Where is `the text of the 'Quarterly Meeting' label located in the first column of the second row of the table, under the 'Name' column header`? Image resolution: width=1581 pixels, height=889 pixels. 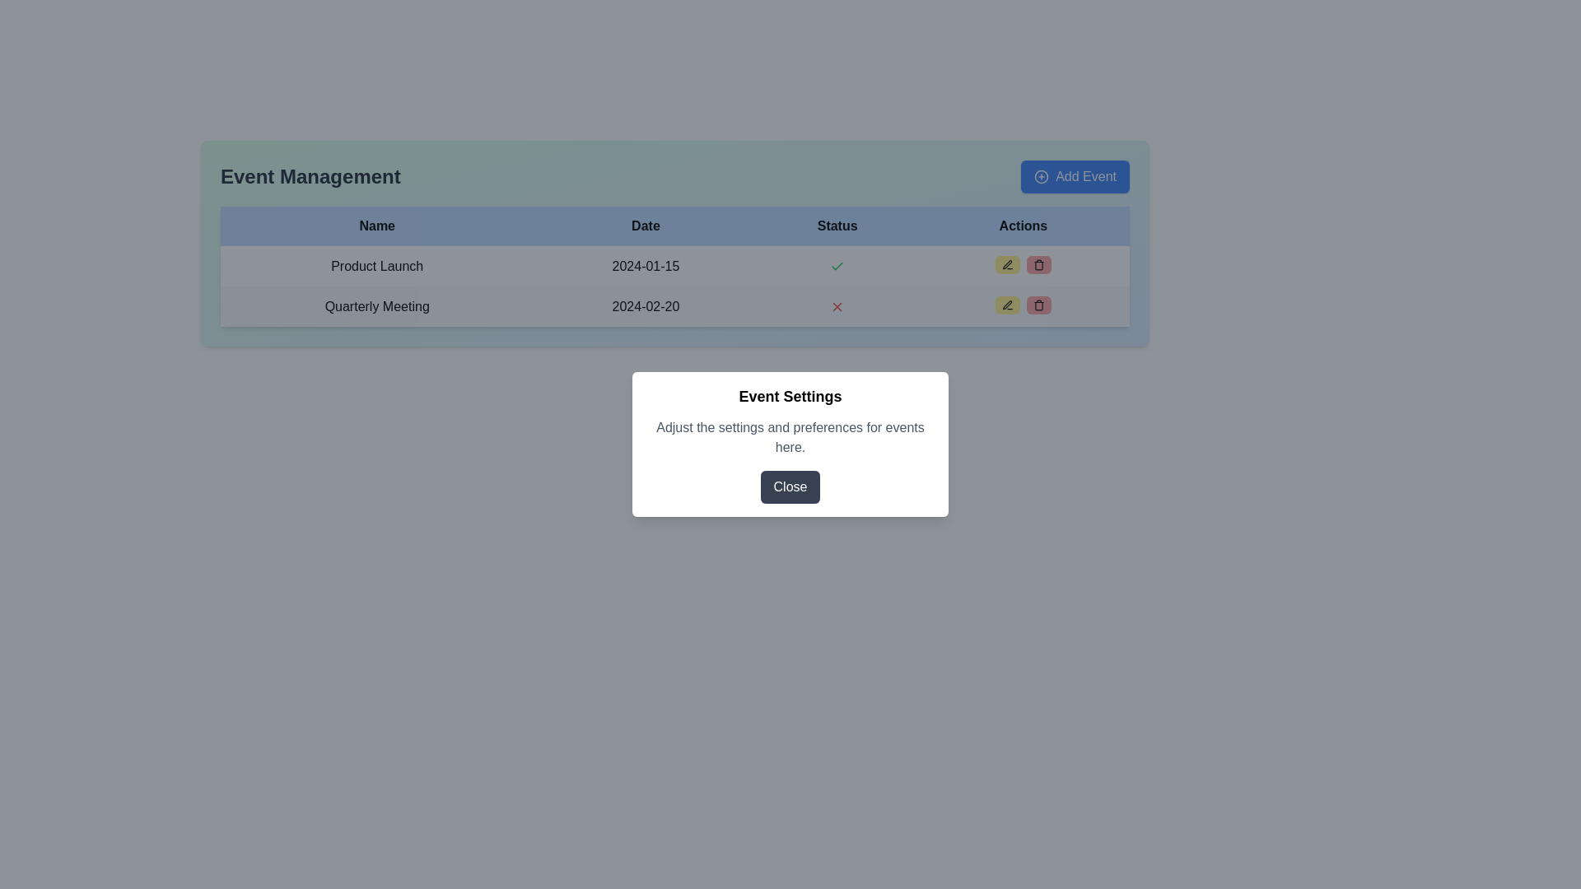 the text of the 'Quarterly Meeting' label located in the first column of the second row of the table, under the 'Name' column header is located at coordinates (376, 306).